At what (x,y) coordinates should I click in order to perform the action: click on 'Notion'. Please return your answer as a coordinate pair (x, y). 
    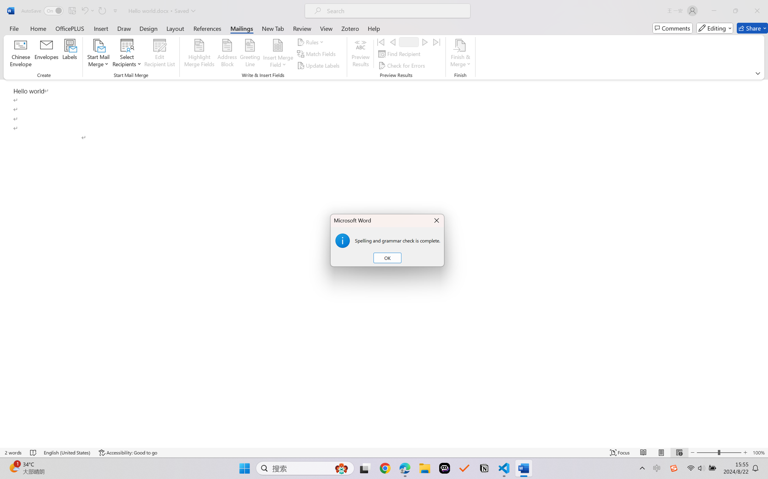
    Looking at the image, I should click on (484, 468).